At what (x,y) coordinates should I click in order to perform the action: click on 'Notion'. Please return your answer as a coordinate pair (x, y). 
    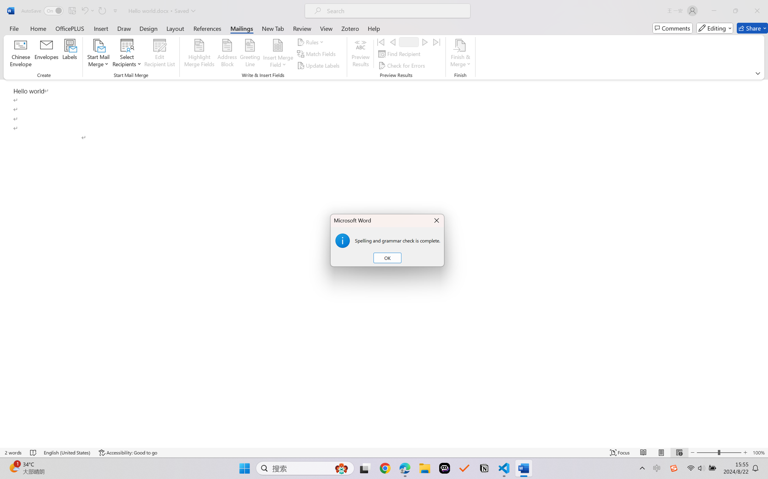
    Looking at the image, I should click on (484, 468).